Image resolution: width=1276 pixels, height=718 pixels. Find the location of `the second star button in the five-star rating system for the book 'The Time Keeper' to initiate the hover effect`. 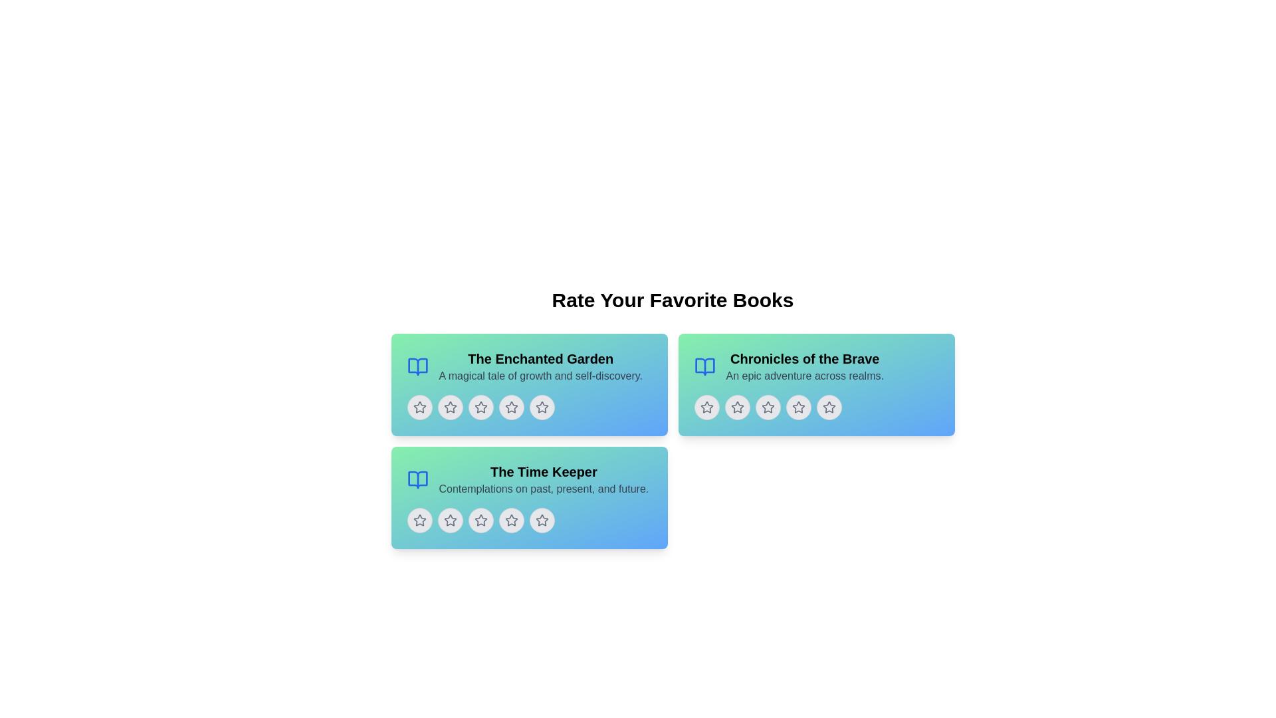

the second star button in the five-star rating system for the book 'The Time Keeper' to initiate the hover effect is located at coordinates (450, 520).